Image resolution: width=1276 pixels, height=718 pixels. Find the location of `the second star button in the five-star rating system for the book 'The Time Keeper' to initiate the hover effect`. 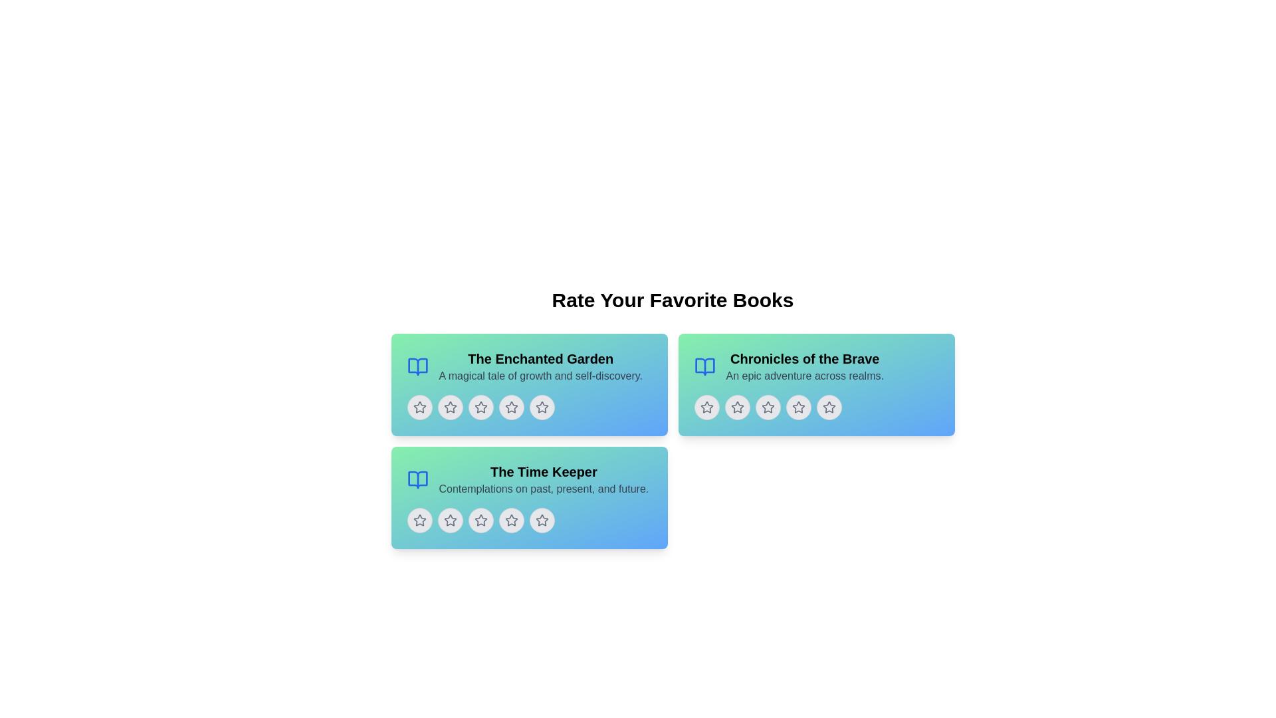

the second star button in the five-star rating system for the book 'The Time Keeper' to initiate the hover effect is located at coordinates (450, 520).